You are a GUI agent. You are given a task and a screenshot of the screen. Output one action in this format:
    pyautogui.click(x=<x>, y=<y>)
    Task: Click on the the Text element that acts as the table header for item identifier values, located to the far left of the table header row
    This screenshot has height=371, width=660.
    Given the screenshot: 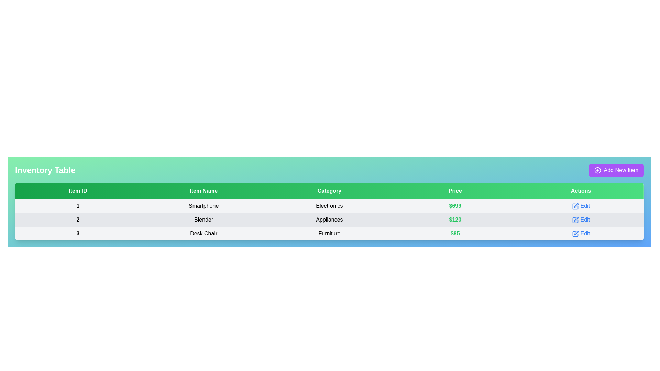 What is the action you would take?
    pyautogui.click(x=78, y=191)
    